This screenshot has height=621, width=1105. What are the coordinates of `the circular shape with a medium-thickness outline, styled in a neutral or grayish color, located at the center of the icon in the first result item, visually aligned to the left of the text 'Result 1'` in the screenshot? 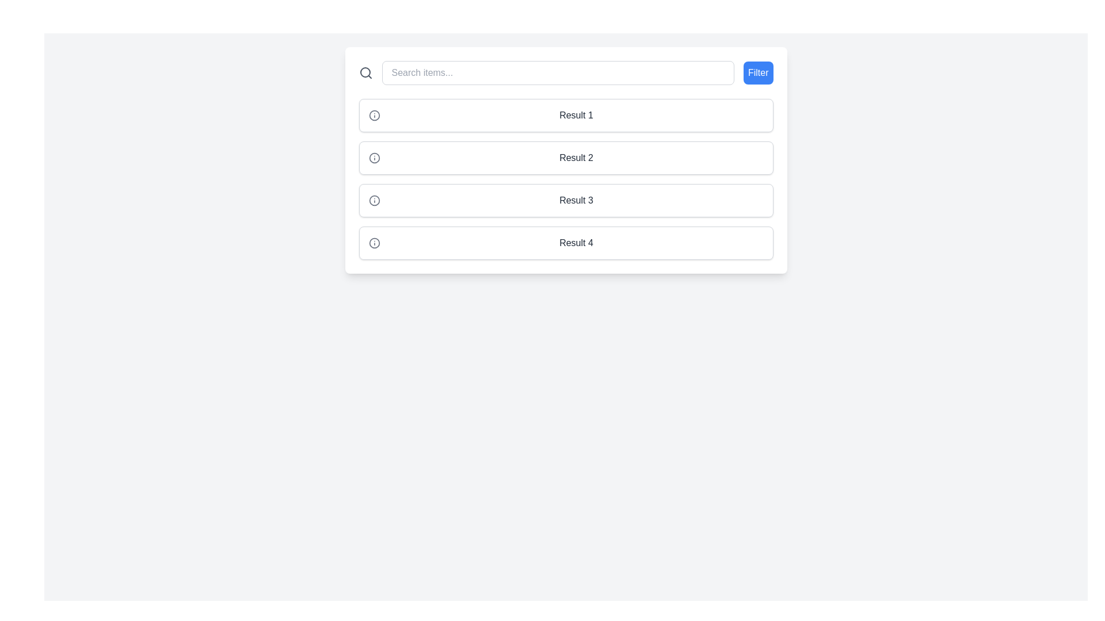 It's located at (374, 115).